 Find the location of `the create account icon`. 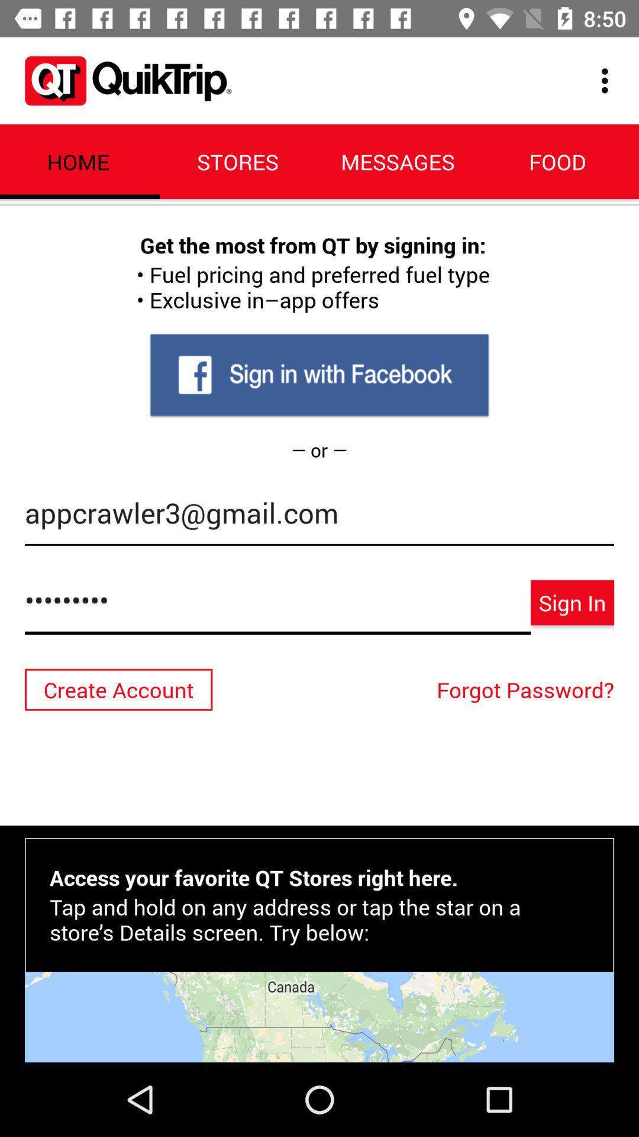

the create account icon is located at coordinates (118, 689).